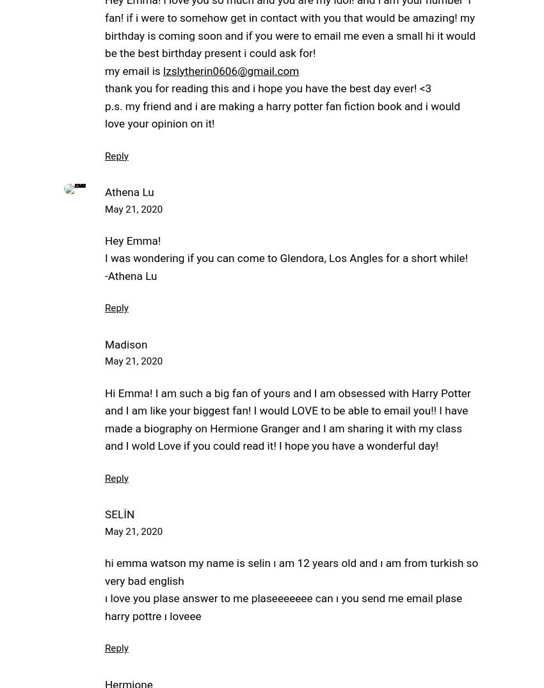 The height and width of the screenshot is (688, 544). Describe the element at coordinates (282, 115) in the screenshot. I see `'p.s. my friend and i are making a harry potter fan fiction book and i would love your opinion on it!'` at that location.